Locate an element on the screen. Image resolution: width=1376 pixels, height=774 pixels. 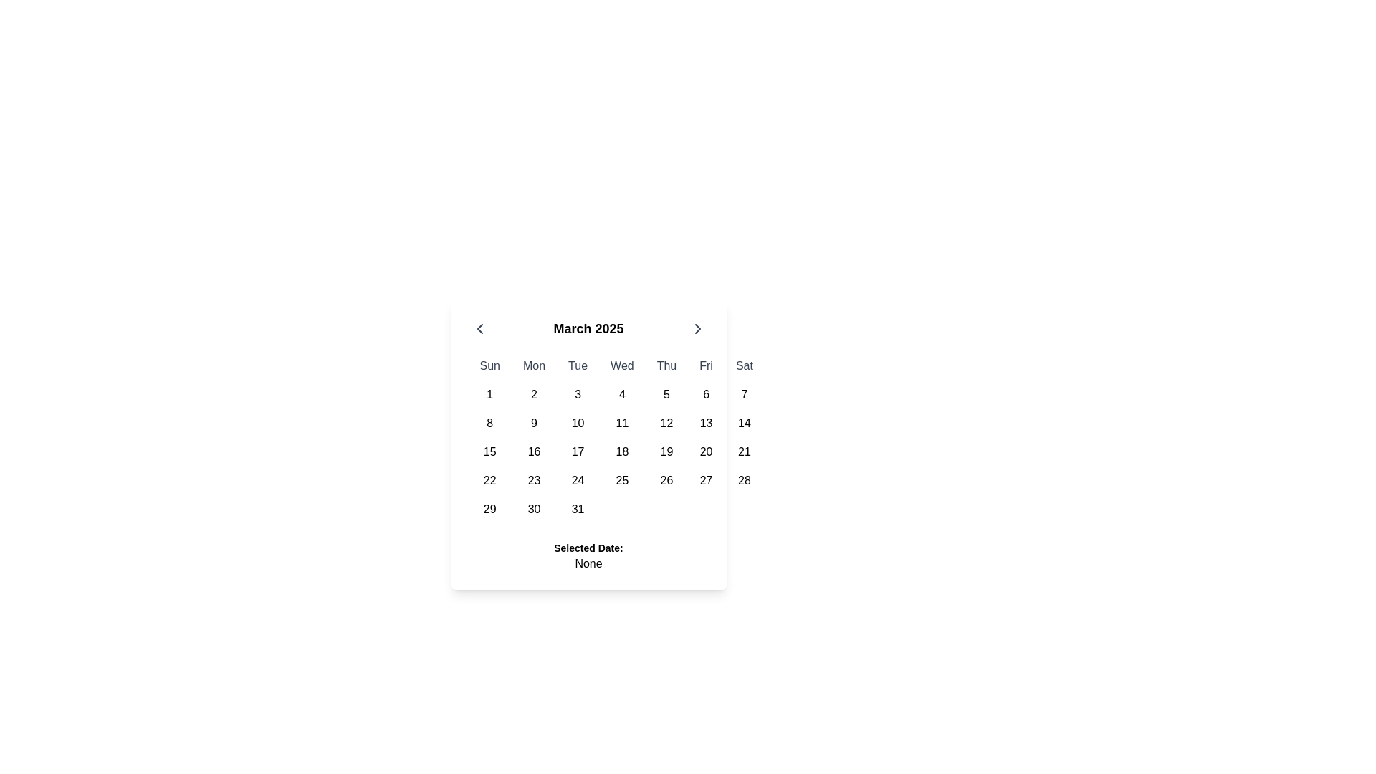
the label indicating the currently selected date, which currently displays 'None', located below the 'Selected Date:' text in the calendar interface is located at coordinates (588, 563).